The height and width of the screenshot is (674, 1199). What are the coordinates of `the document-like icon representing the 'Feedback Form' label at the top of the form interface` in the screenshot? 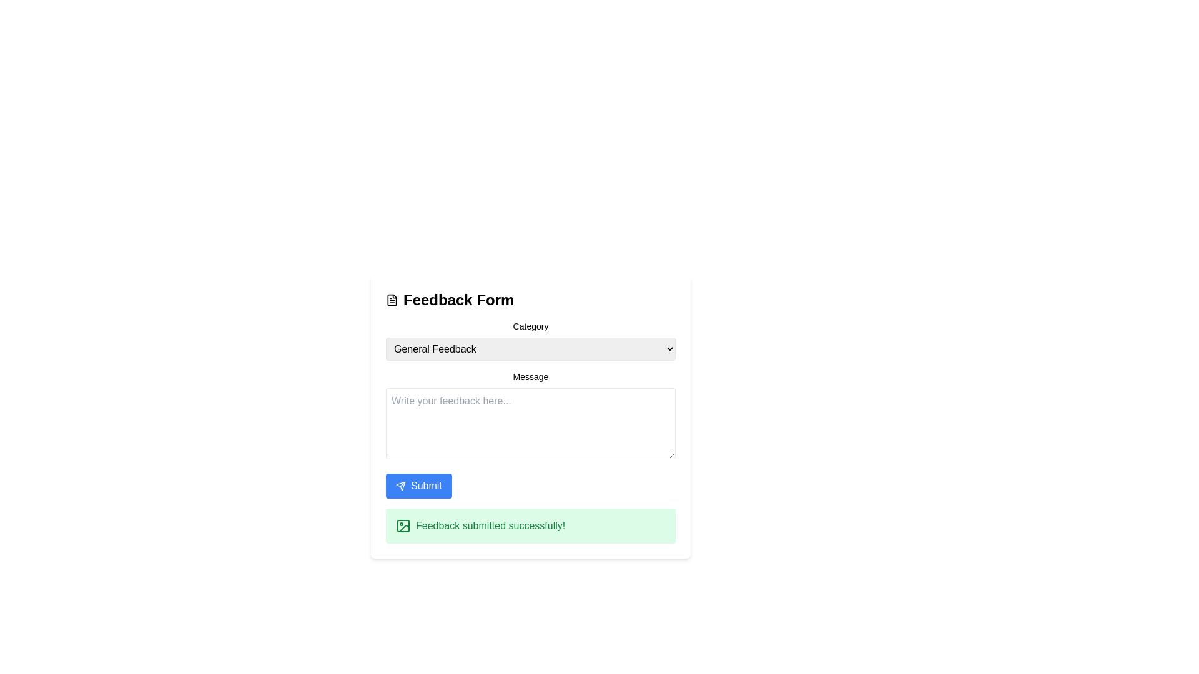 It's located at (392, 300).